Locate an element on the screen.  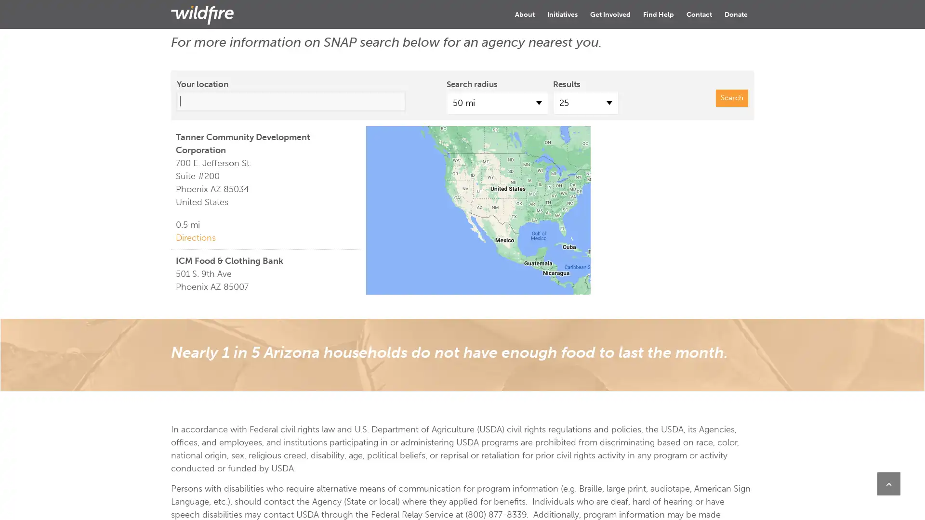
Keogh HC at Public Health is located at coordinates (564, 190).